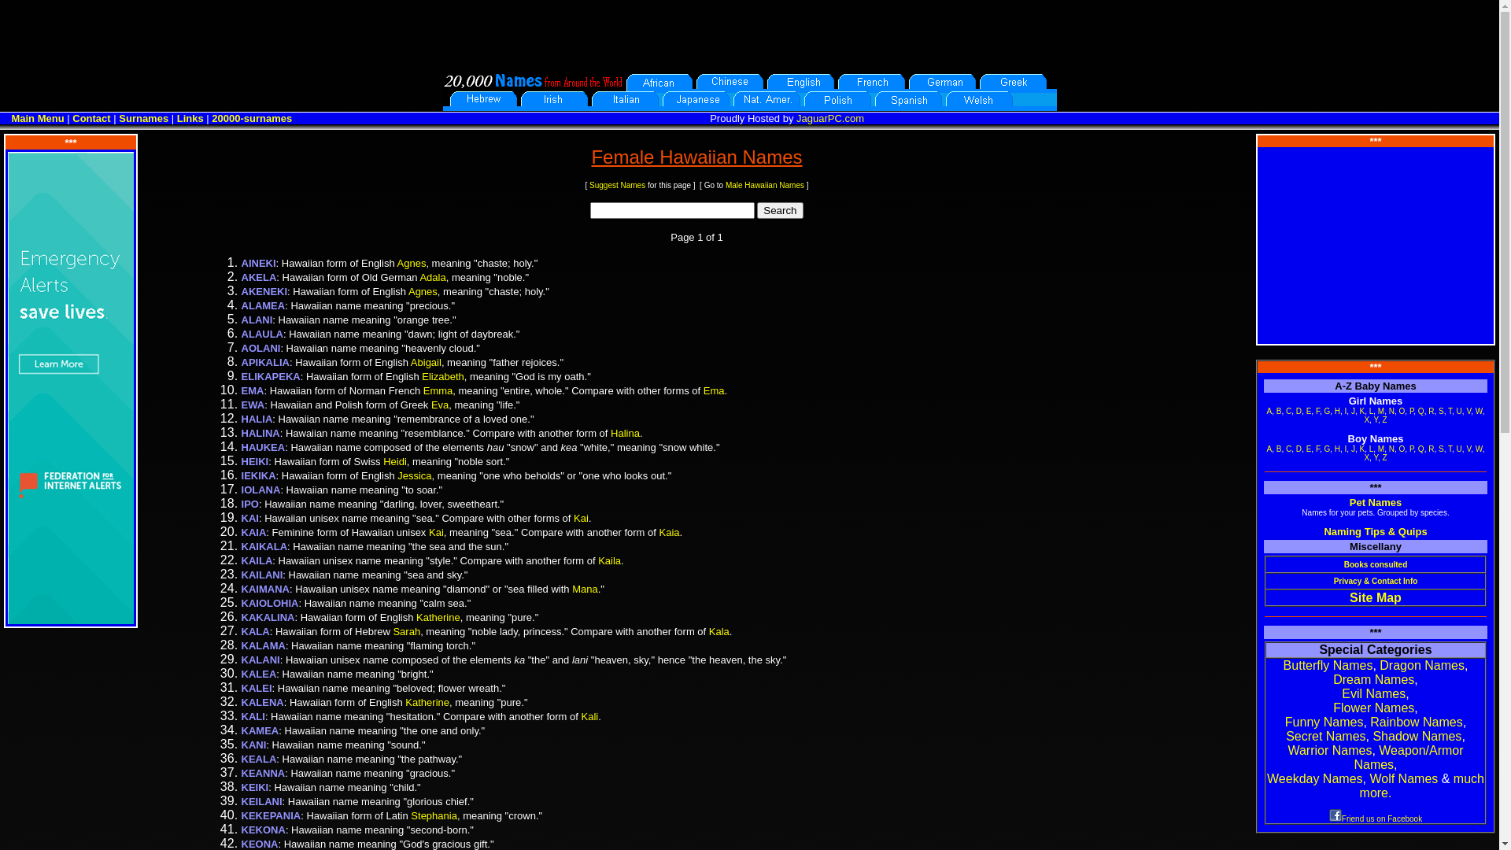 The height and width of the screenshot is (850, 1511). What do you see at coordinates (1420, 449) in the screenshot?
I see `'Q'` at bounding box center [1420, 449].